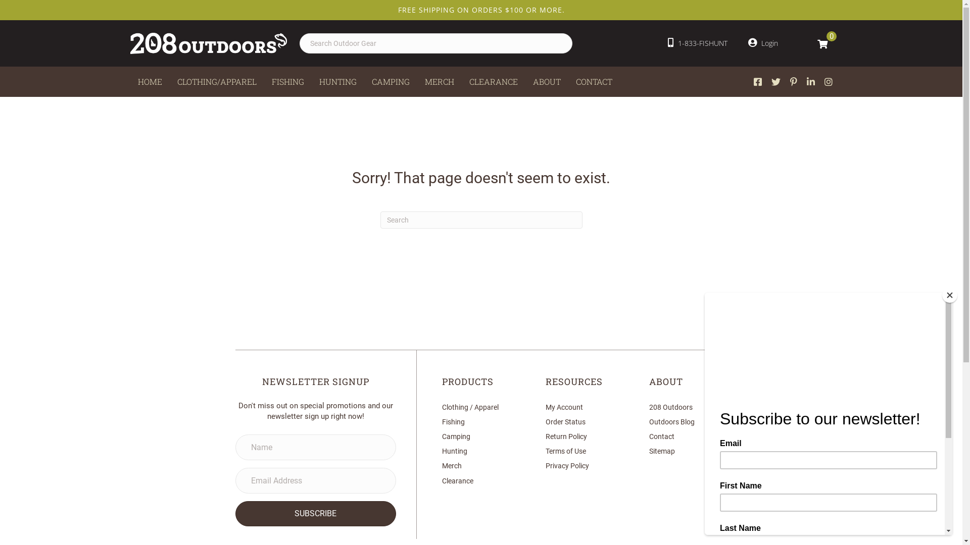 The height and width of the screenshot is (545, 970). Describe the element at coordinates (453, 422) in the screenshot. I see `'Fishing'` at that location.